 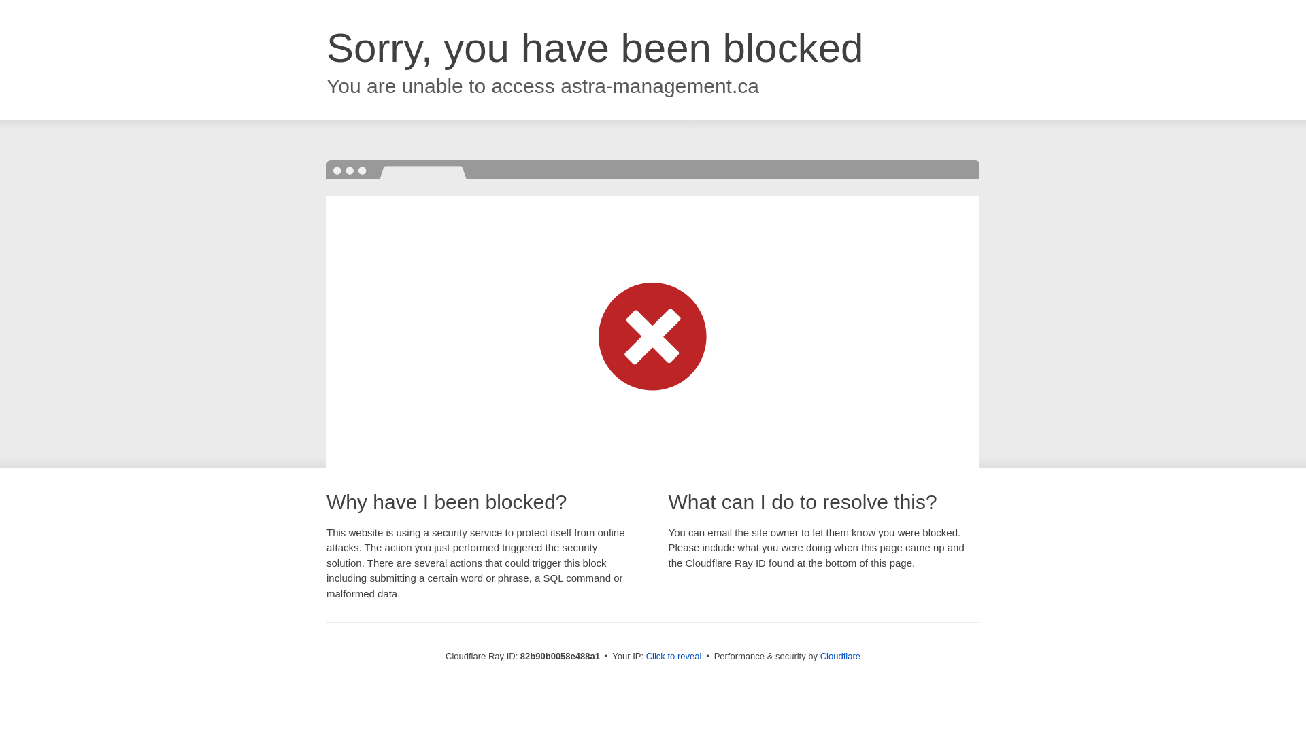 What do you see at coordinates (839, 655) in the screenshot?
I see `'Cloudflare'` at bounding box center [839, 655].